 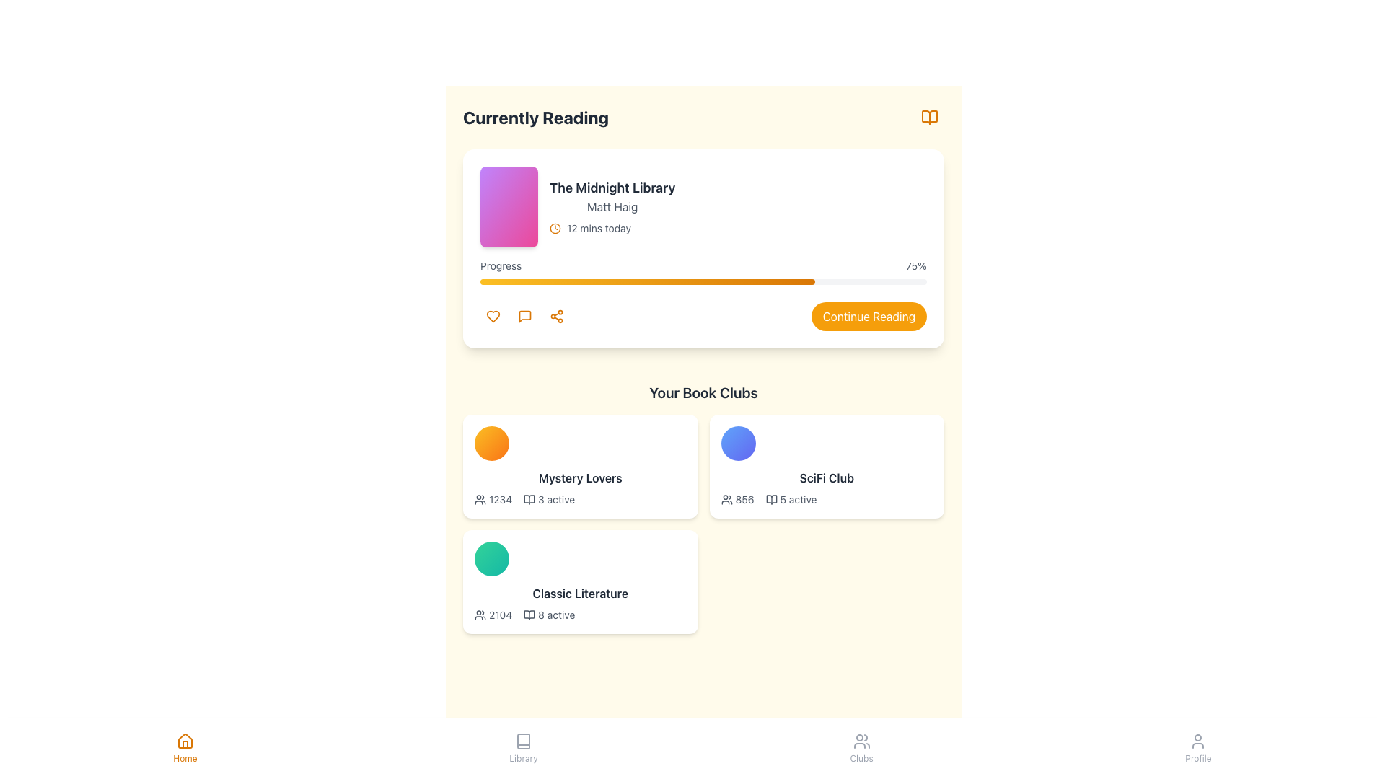 What do you see at coordinates (493, 316) in the screenshot?
I see `the circular button with a heart icon inside, located at the bottom-left of the 'Currently Reading' card, to change its background color to amber` at bounding box center [493, 316].